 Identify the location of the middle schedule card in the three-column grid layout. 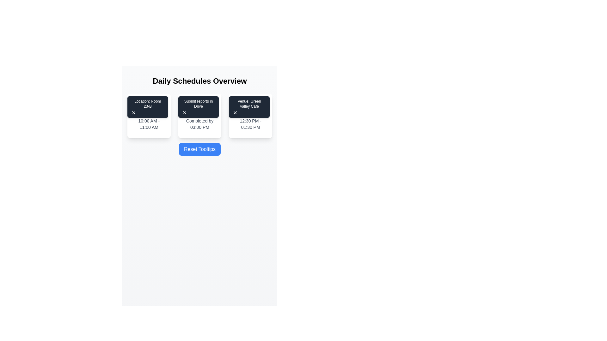
(199, 116).